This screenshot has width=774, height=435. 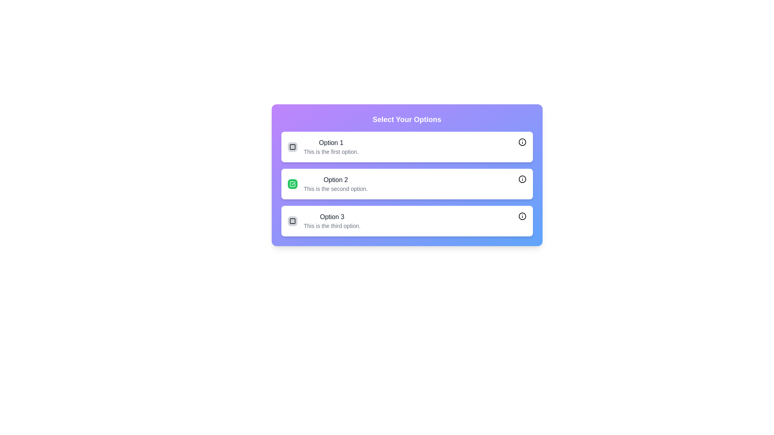 I want to click on the light-gray checkbox or toggle button located to the left of 'Option 3' to possibly trigger a tooltip or styling change, so click(x=292, y=221).